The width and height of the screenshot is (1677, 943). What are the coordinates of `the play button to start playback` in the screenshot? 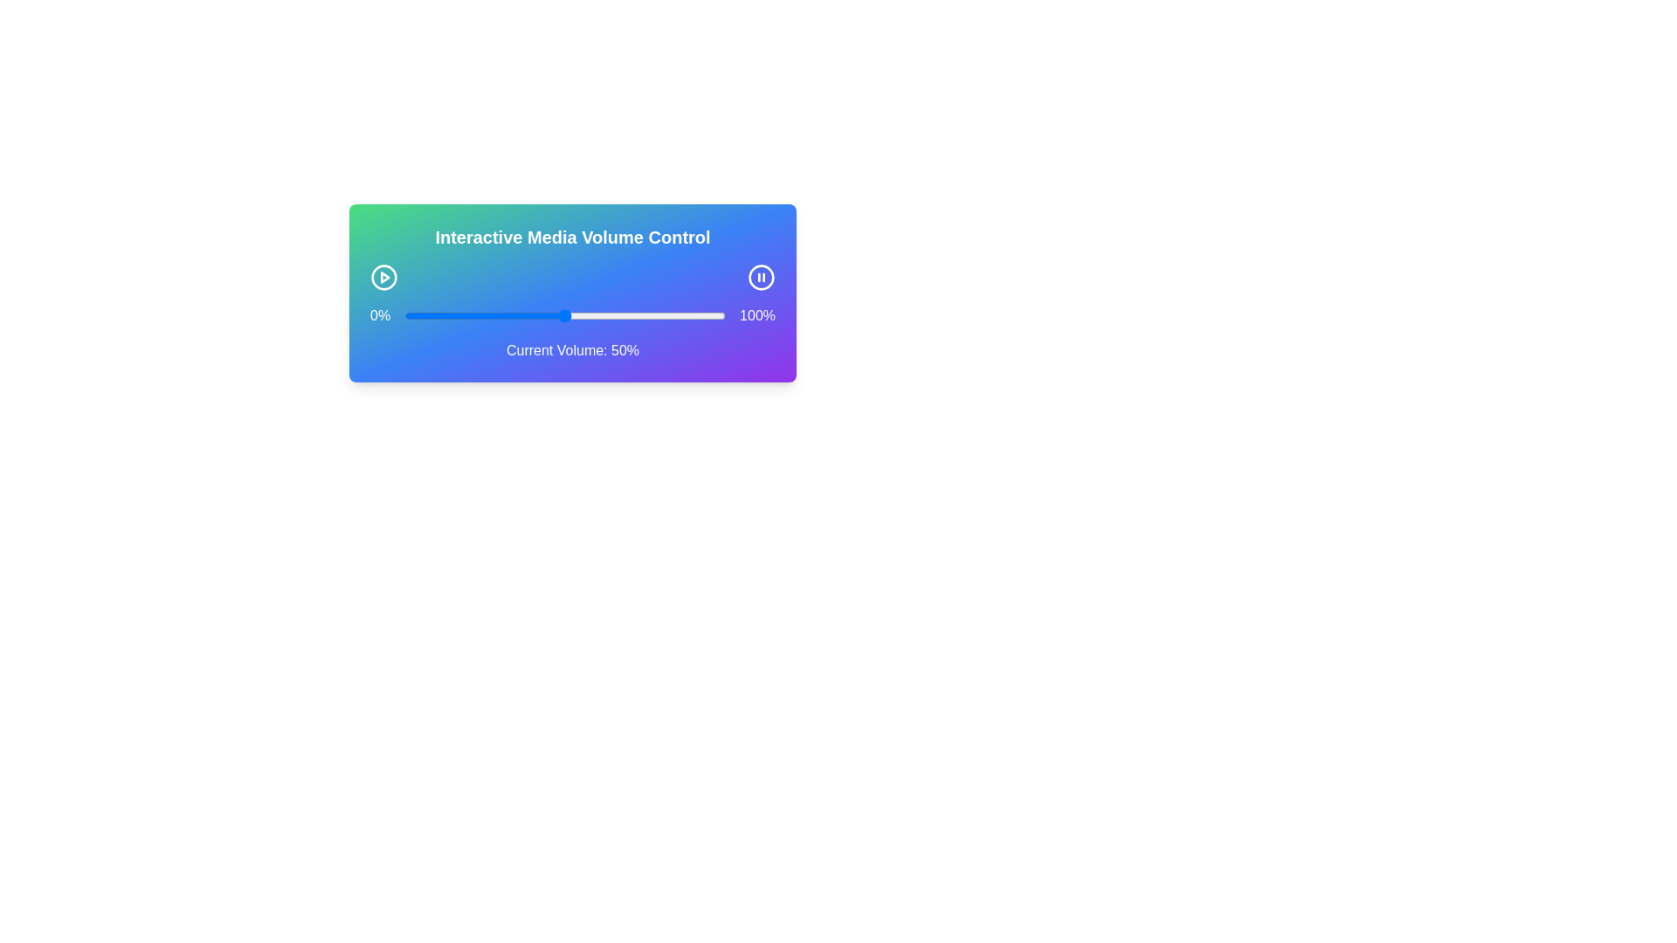 It's located at (383, 276).